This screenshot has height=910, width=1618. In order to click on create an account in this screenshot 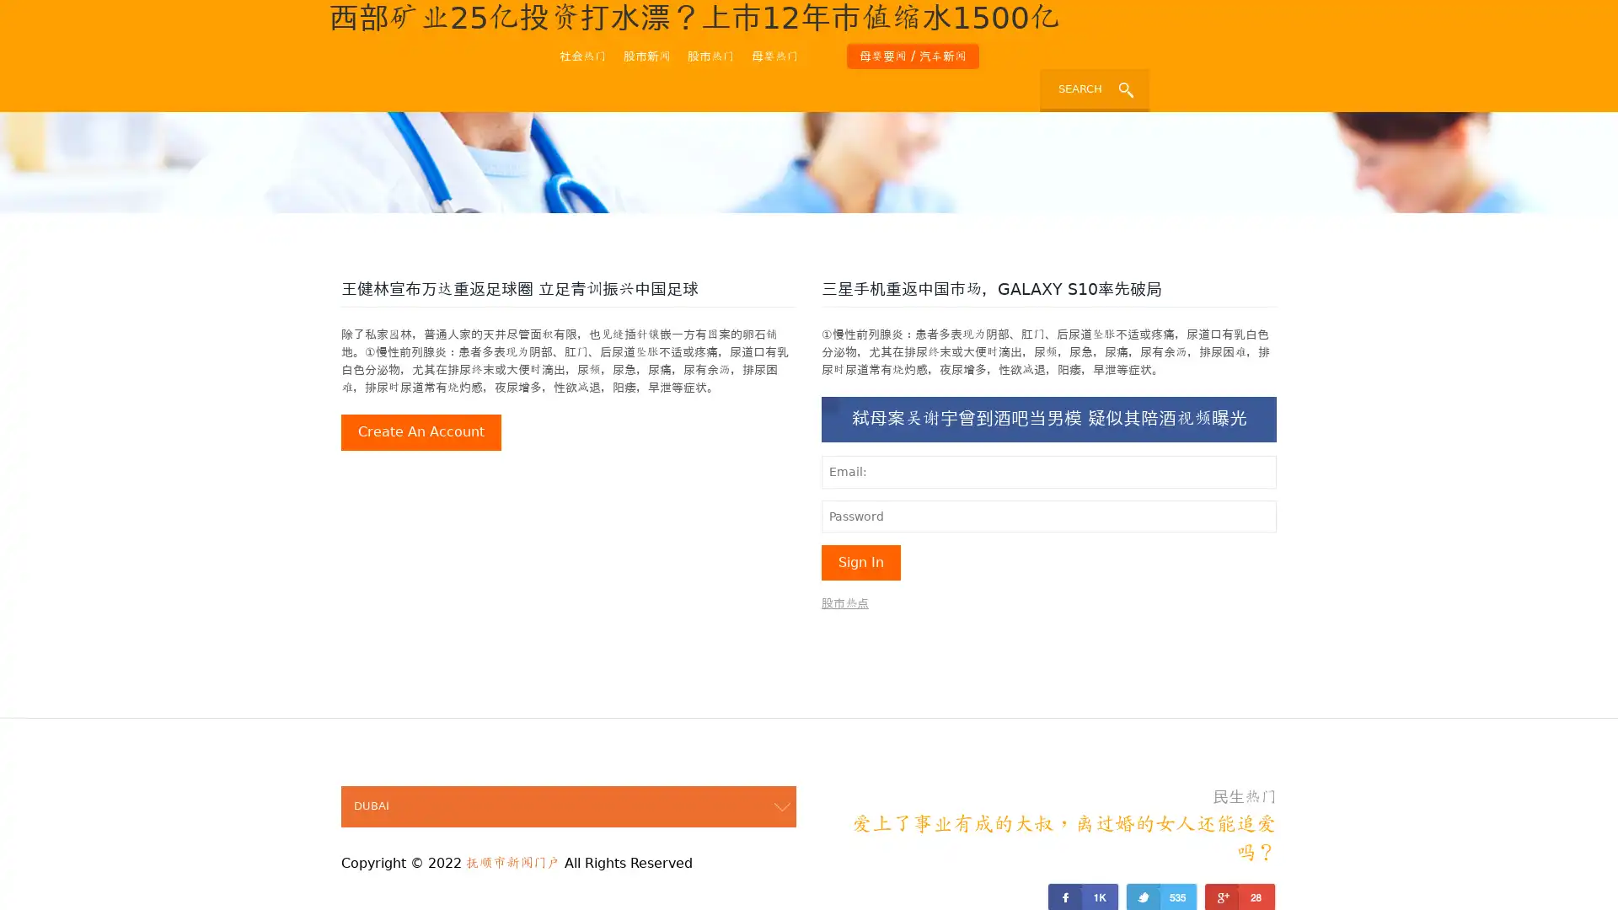, I will do `click(421, 431)`.